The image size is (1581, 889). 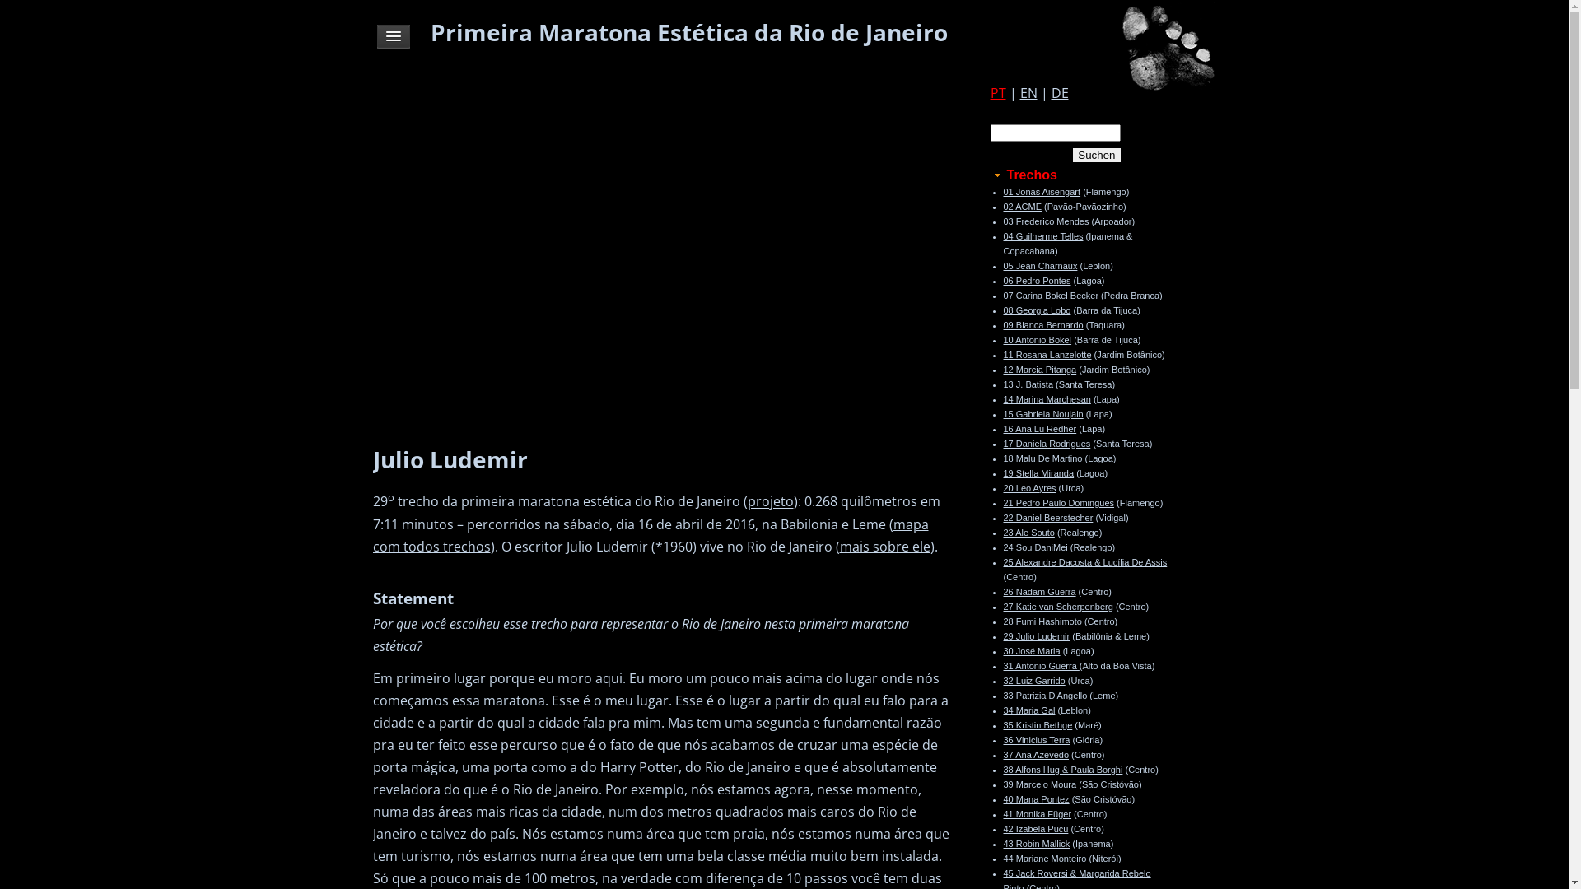 What do you see at coordinates (1038, 265) in the screenshot?
I see `'05 Jean Charnaux'` at bounding box center [1038, 265].